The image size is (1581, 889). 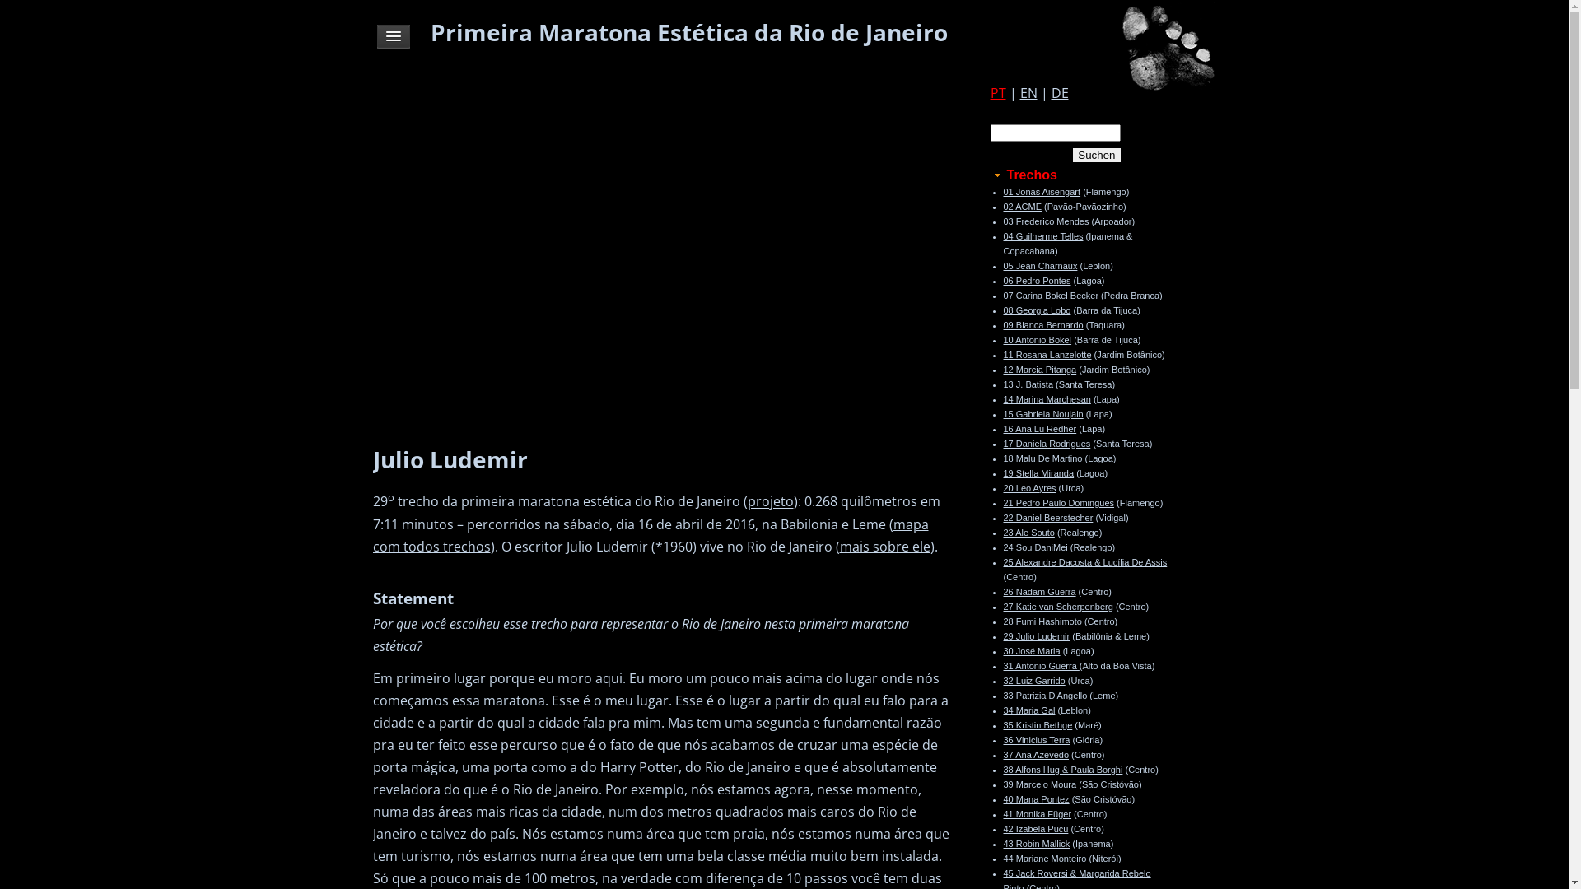 What do you see at coordinates (1038, 265) in the screenshot?
I see `'05 Jean Charnaux'` at bounding box center [1038, 265].